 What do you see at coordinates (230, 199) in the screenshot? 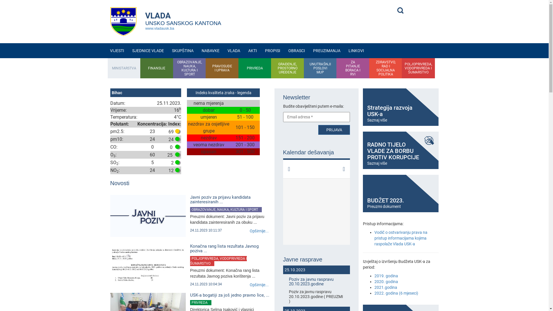
I see `'Javni poziv za prijavu kandidata zainteresiranih ...'` at bounding box center [230, 199].